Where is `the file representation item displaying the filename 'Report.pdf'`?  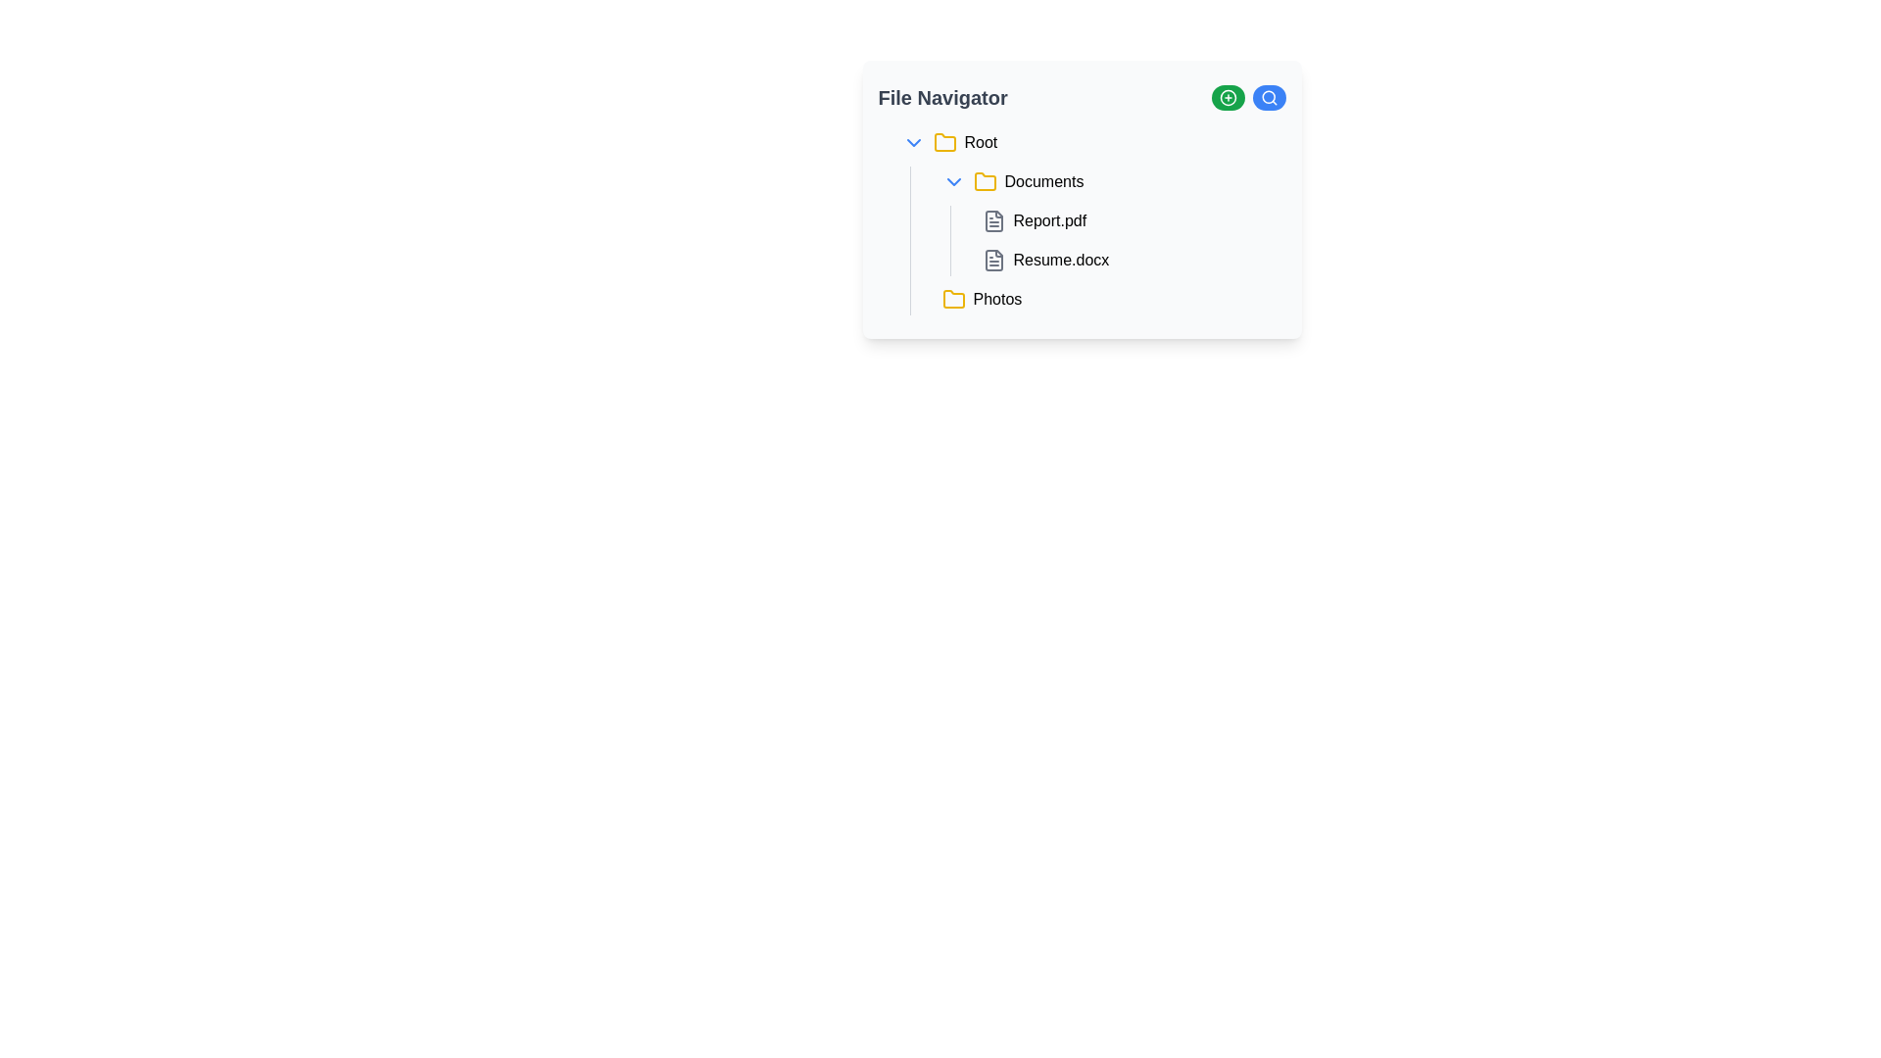 the file representation item displaying the filename 'Report.pdf' is located at coordinates (1109, 220).